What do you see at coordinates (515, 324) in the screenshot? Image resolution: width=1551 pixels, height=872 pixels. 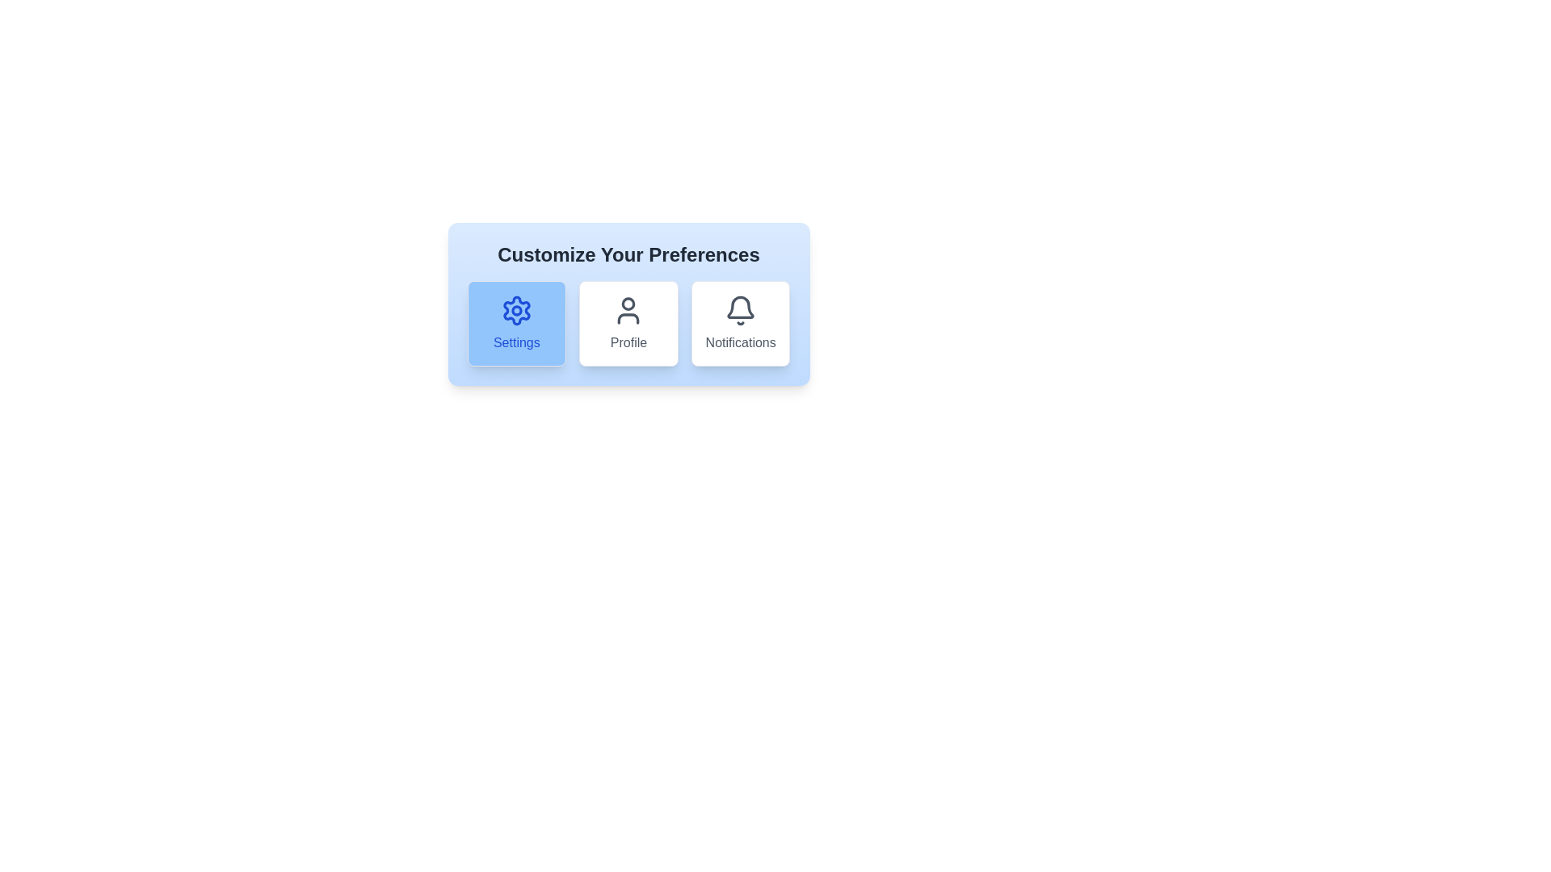 I see `the 'Settings' button, which is represented as a rectangular card with a blue background and a gear icon above the text label 'Settings'. It is the first card on the left in a grid layout before the 'Profile' and 'Notifications' cards` at bounding box center [515, 324].